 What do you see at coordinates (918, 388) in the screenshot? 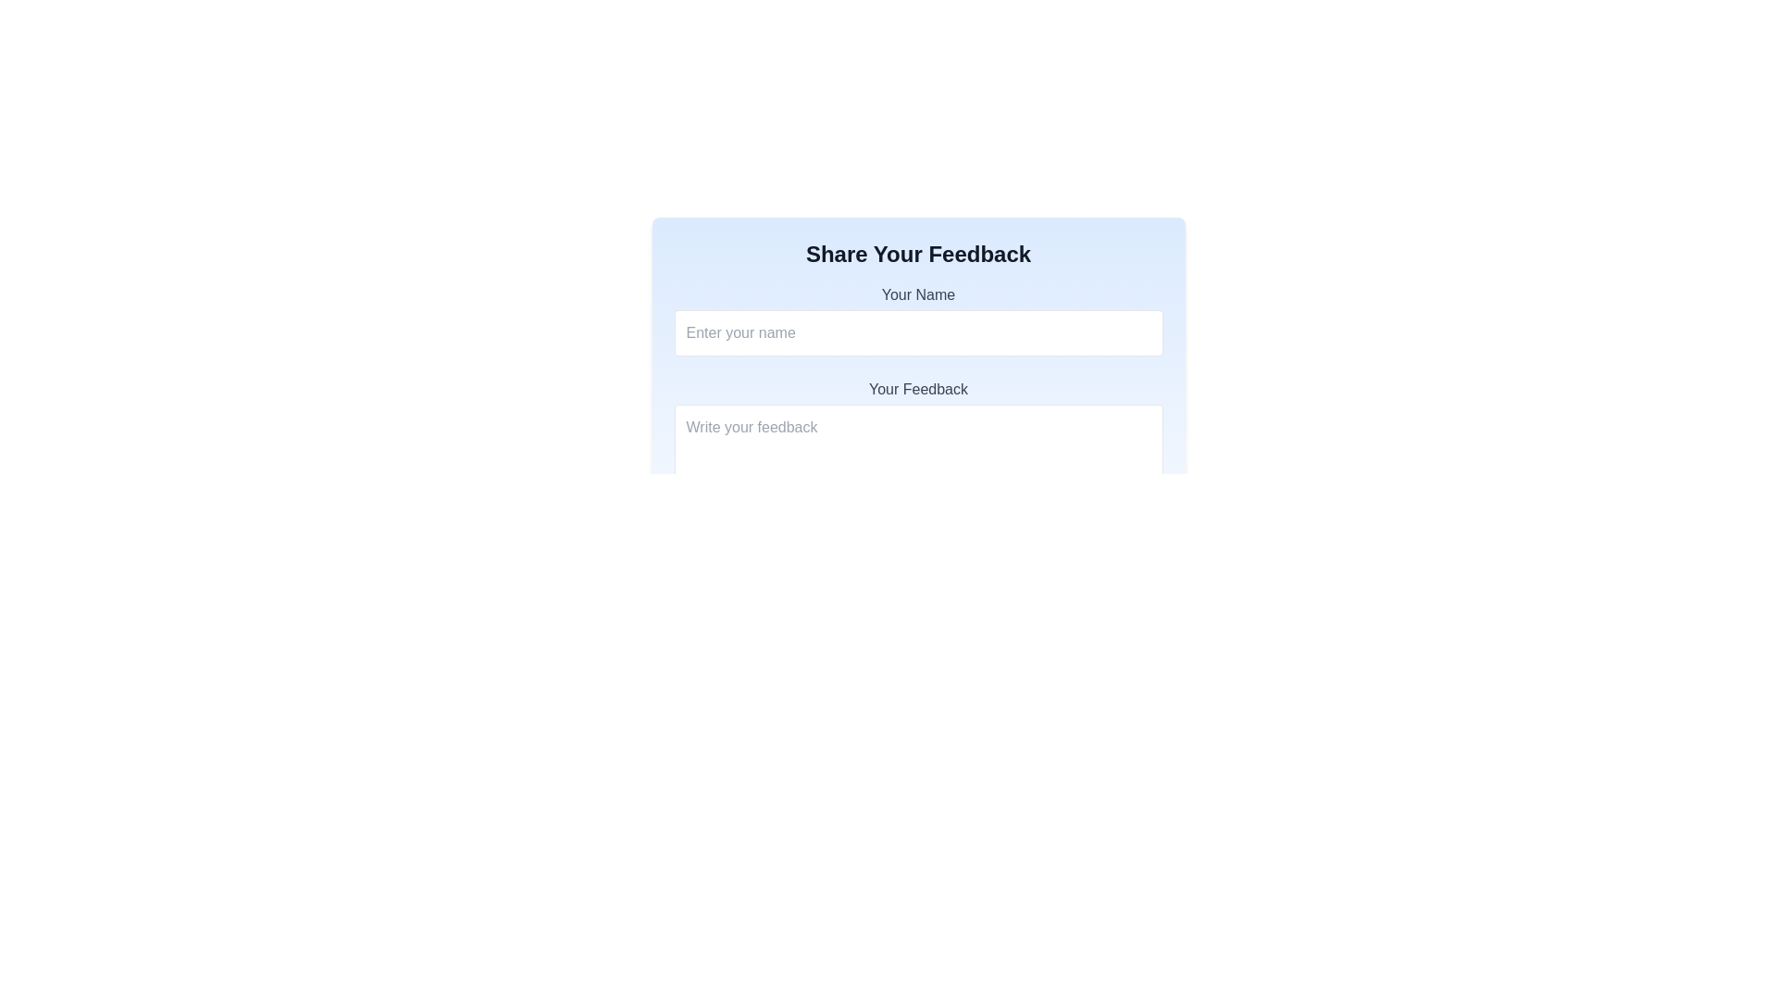
I see `label displaying 'Your Feedback' which is styled in bold sans-serif font and positioned above the feedback input box` at bounding box center [918, 388].